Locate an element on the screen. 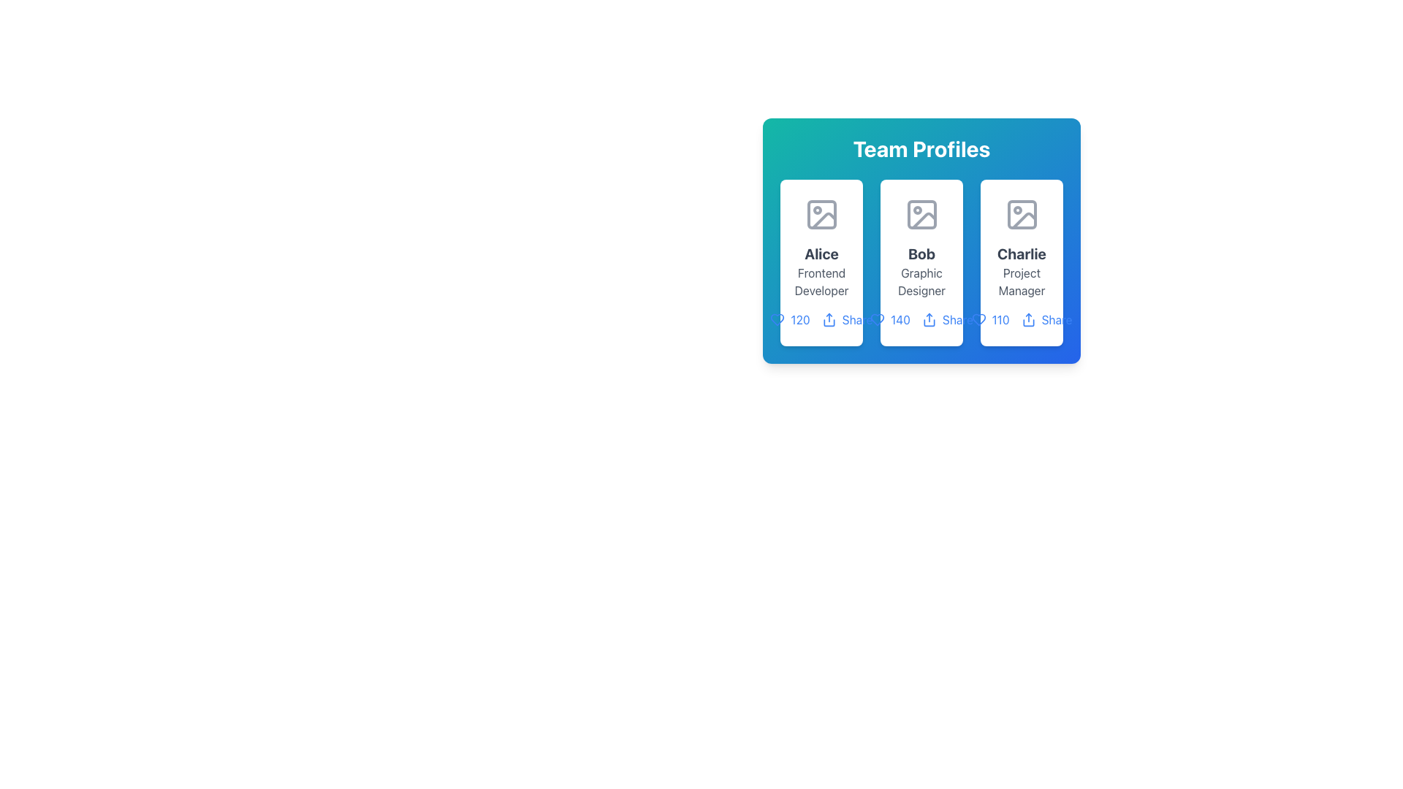  the 'Share' text button located within the 'Graphic Designer' profile card below the name 'Bob' is located at coordinates (921, 319).